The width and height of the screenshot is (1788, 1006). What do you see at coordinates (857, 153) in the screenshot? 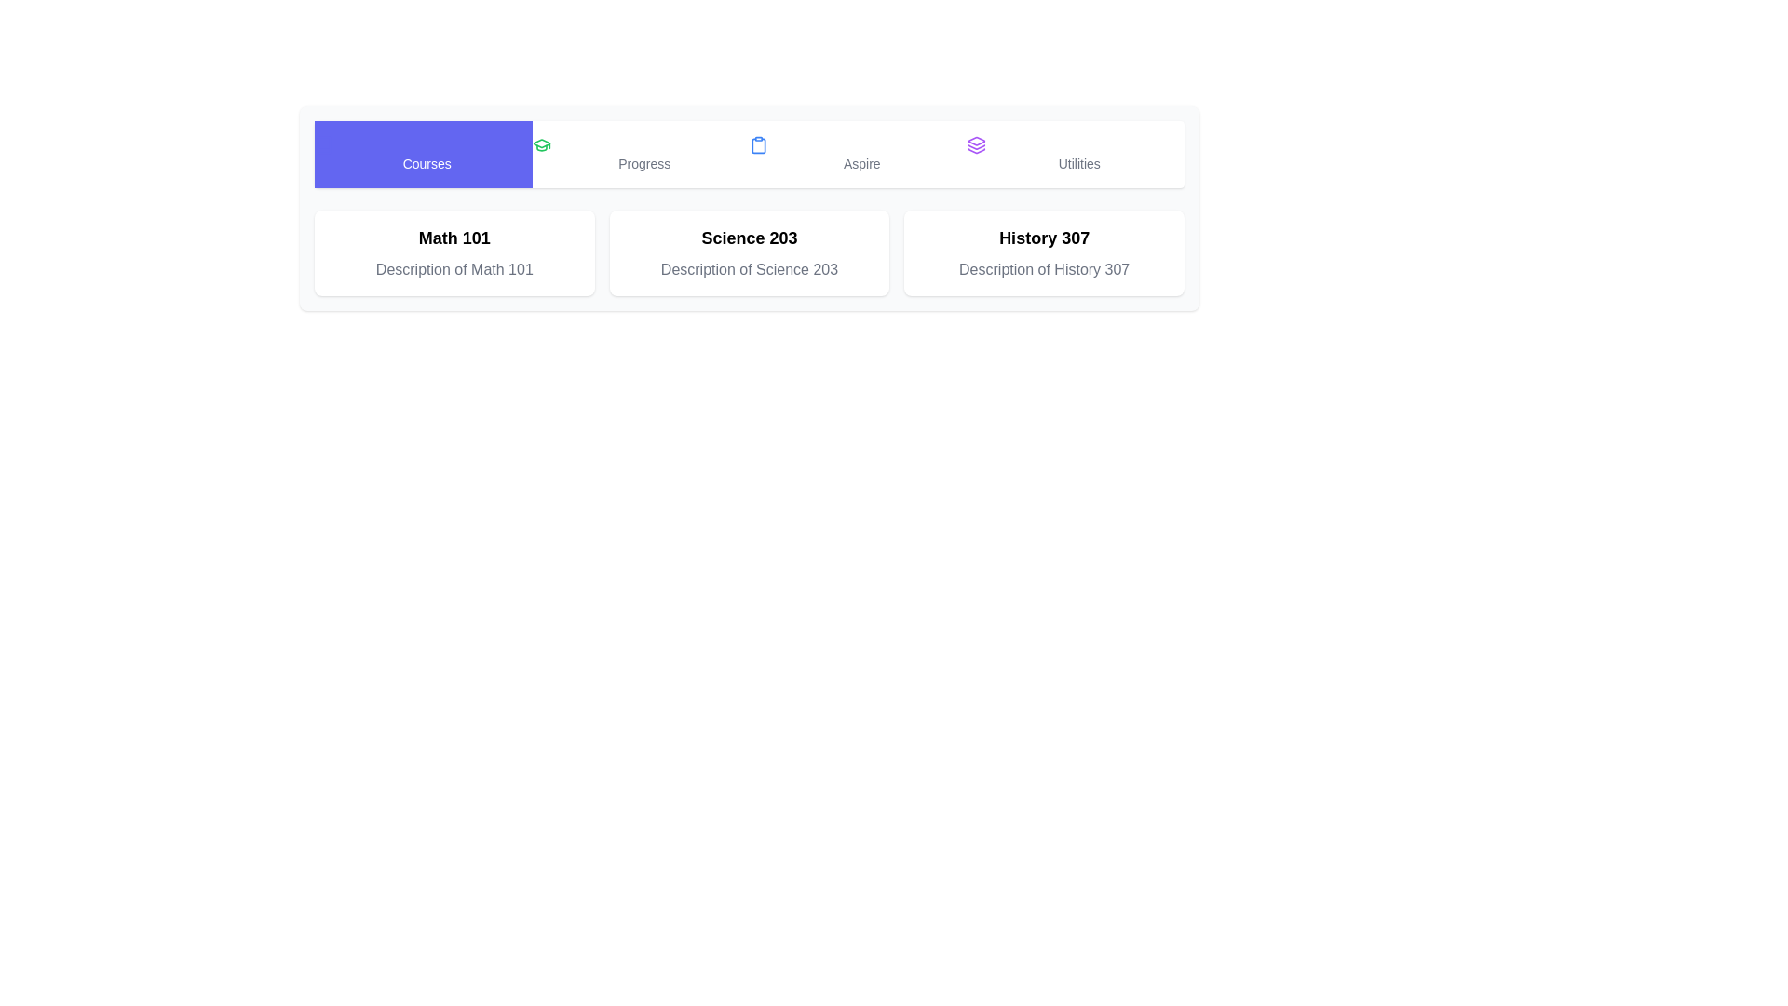
I see `the 'Aspire' button located between the 'Progress' and 'Utilities' sections in the navigation list` at bounding box center [857, 153].